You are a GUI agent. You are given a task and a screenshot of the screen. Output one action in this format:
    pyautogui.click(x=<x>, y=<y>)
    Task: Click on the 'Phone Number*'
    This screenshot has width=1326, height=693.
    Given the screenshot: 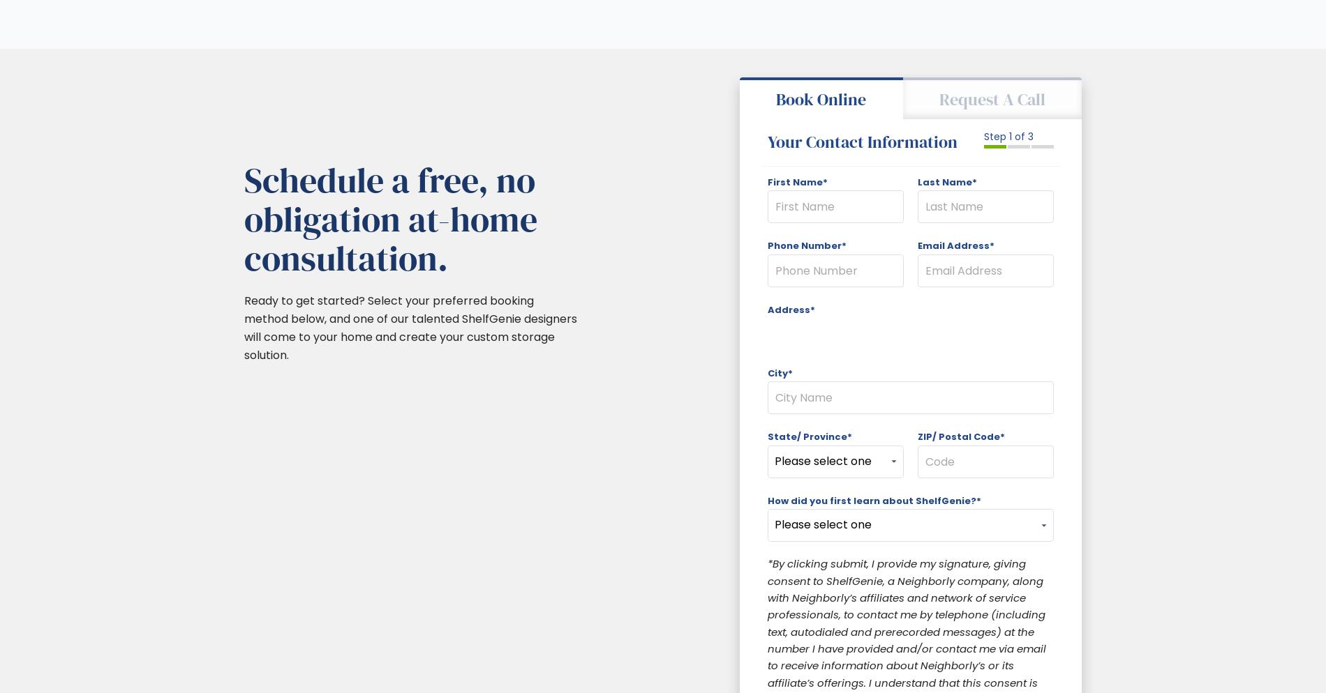 What is the action you would take?
    pyautogui.click(x=807, y=245)
    